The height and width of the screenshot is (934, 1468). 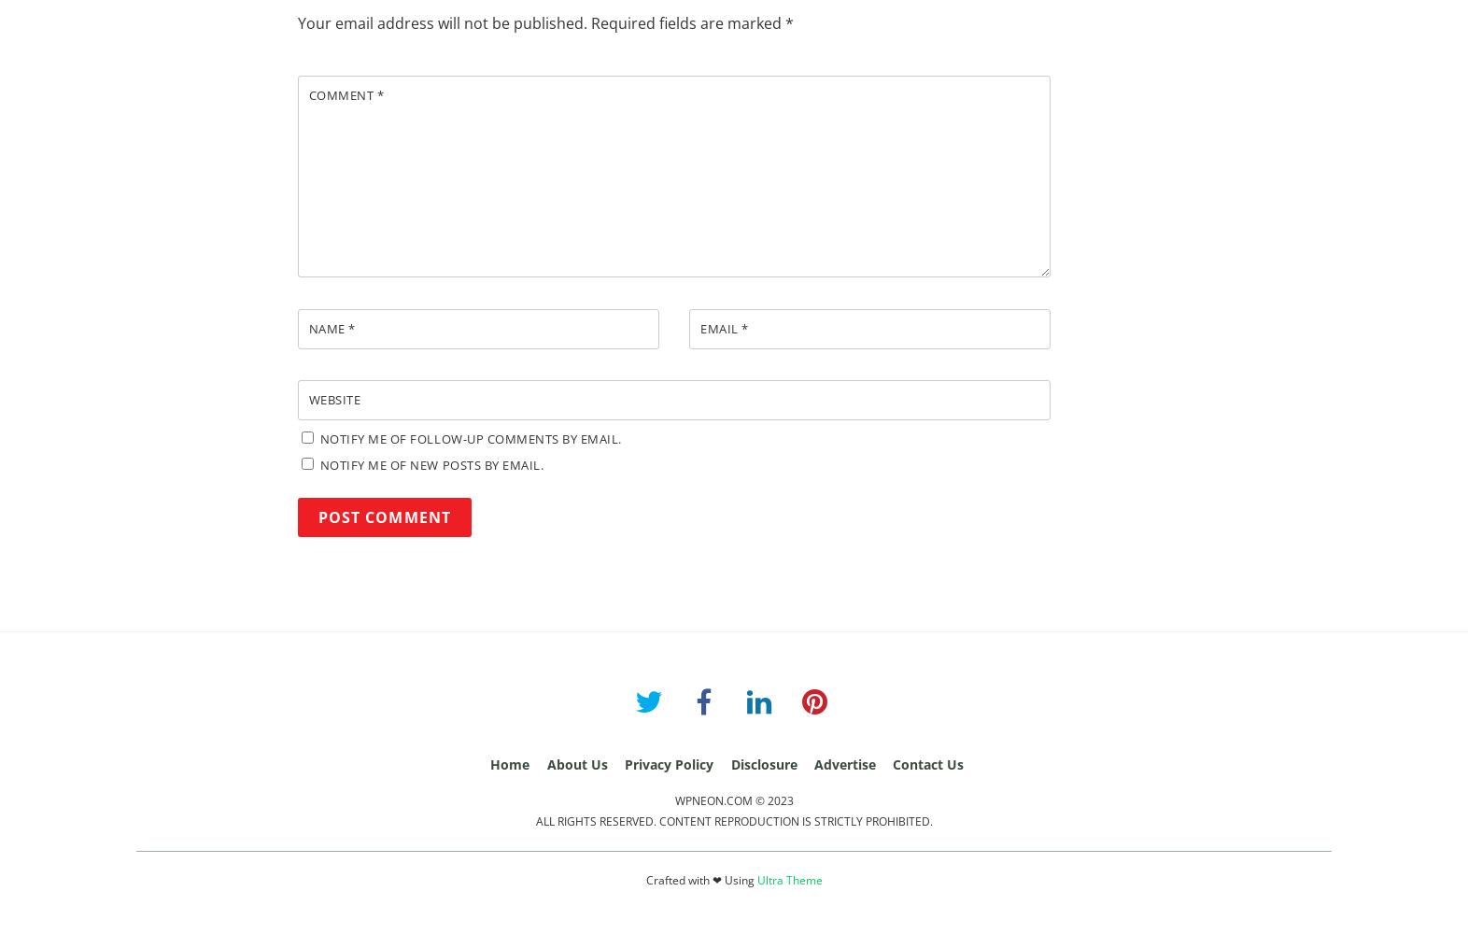 I want to click on 'About Us', so click(x=576, y=763).